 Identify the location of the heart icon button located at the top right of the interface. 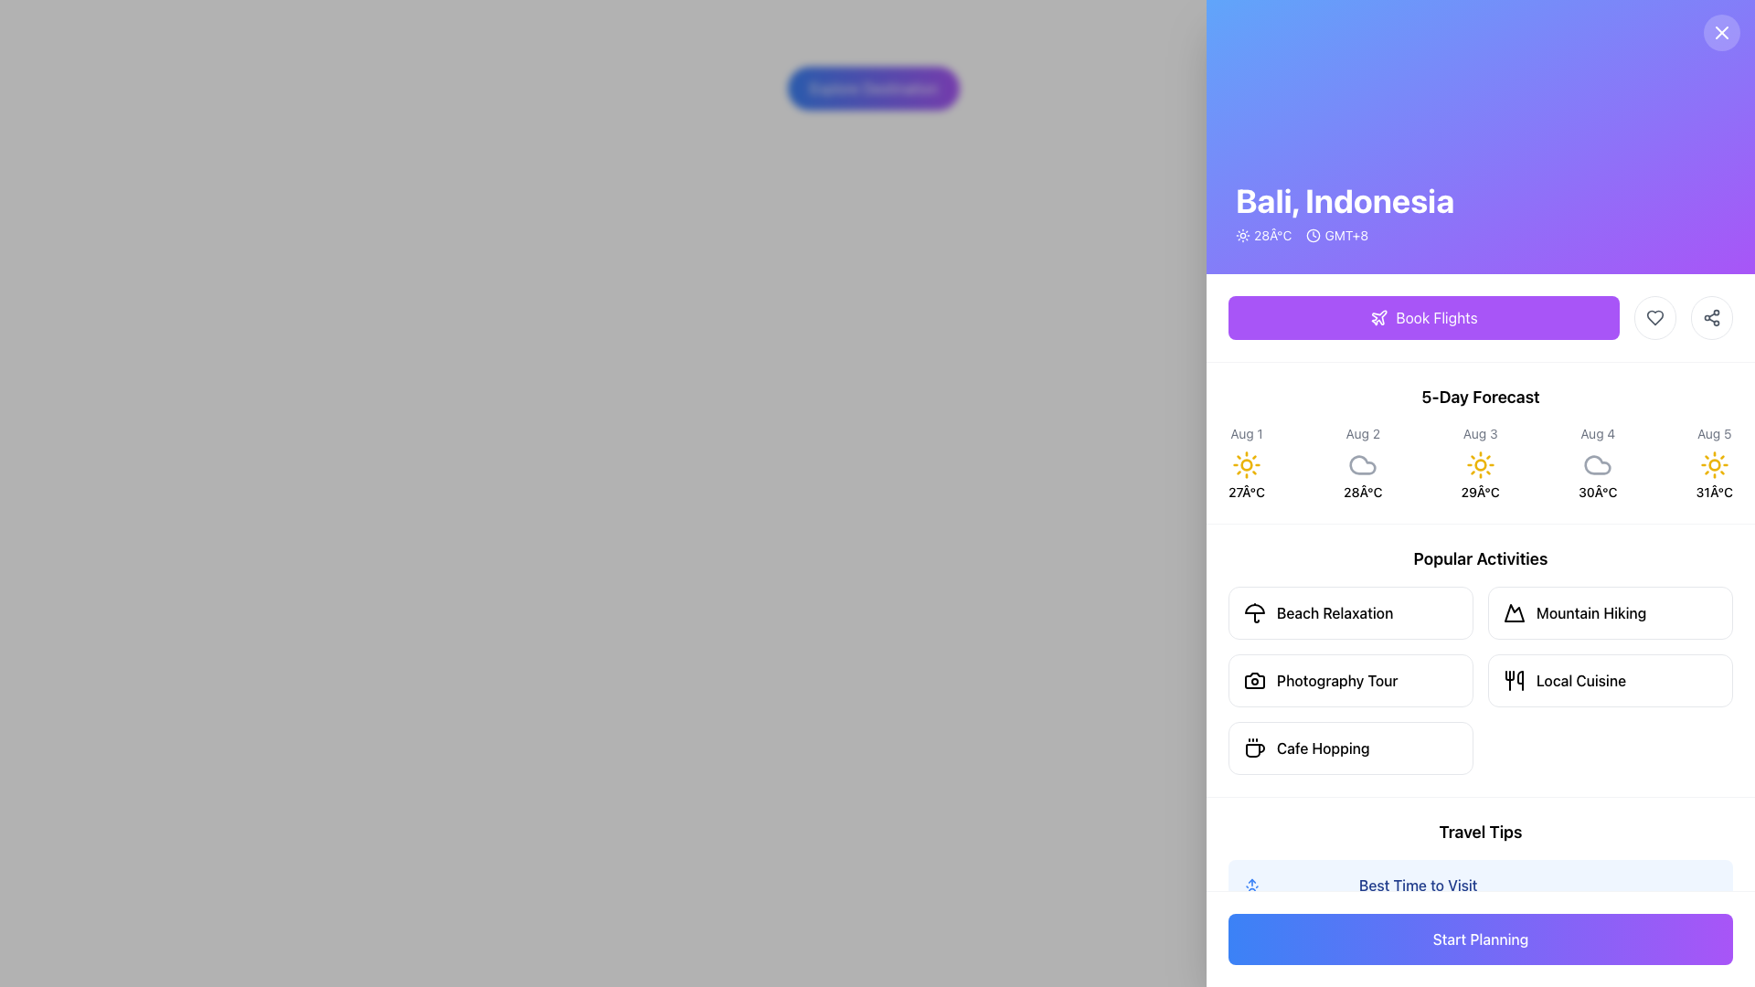
(1654, 316).